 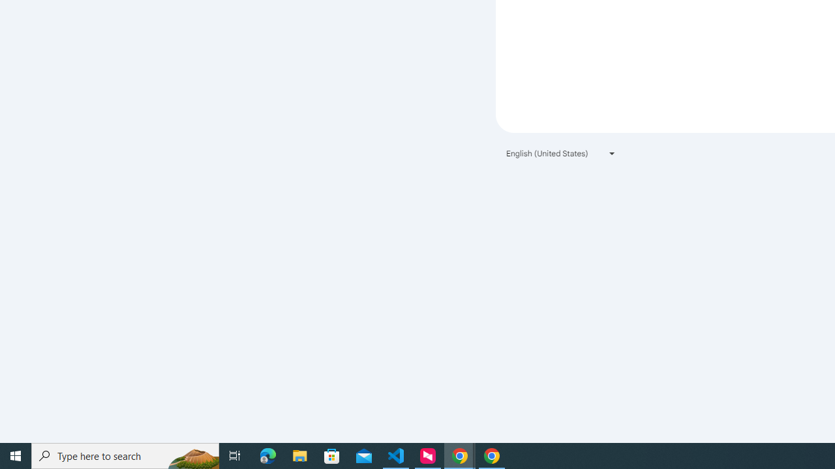 What do you see at coordinates (561, 152) in the screenshot?
I see `'English (United States)'` at bounding box center [561, 152].